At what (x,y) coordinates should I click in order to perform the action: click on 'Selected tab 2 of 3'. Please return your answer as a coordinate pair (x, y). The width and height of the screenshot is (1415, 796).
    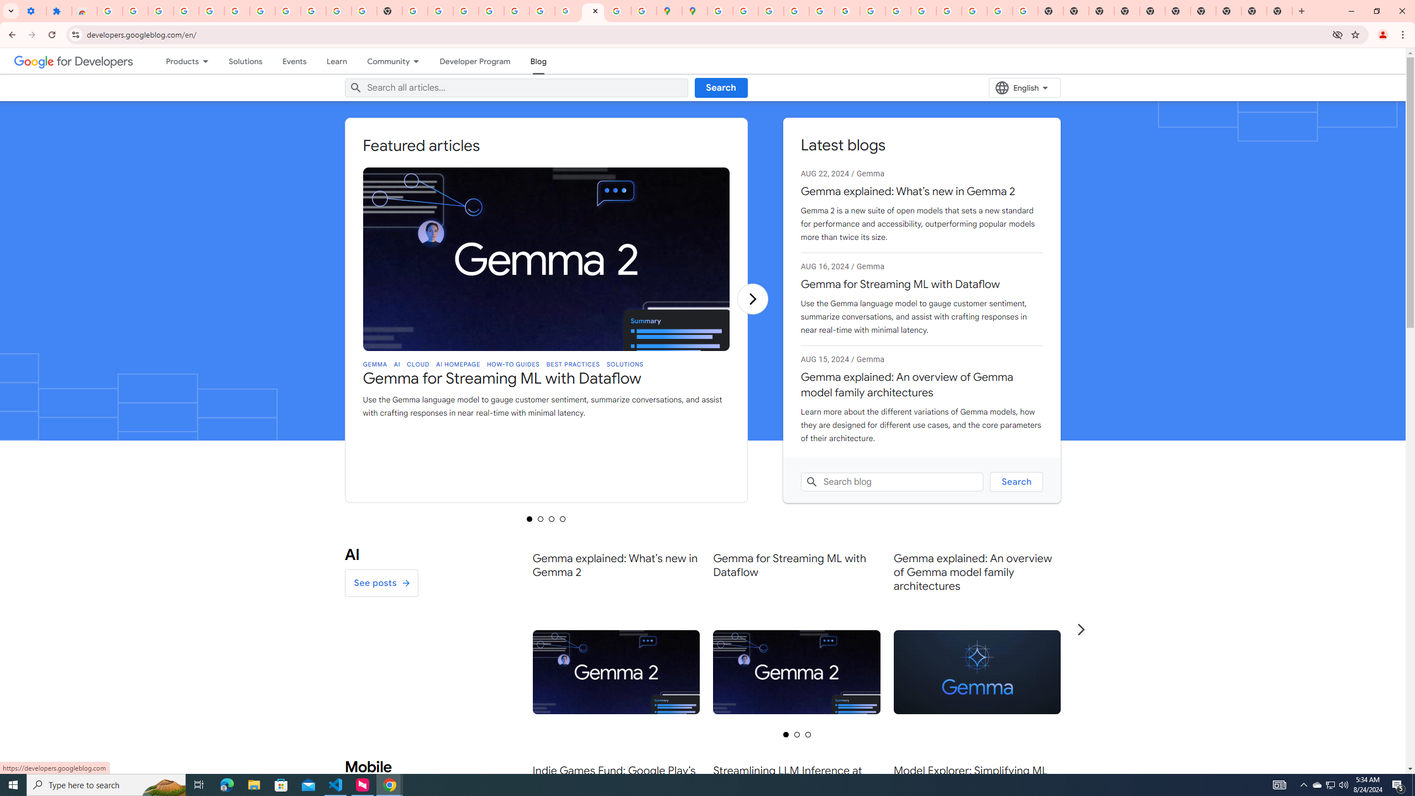
    Looking at the image, I should click on (796, 734).